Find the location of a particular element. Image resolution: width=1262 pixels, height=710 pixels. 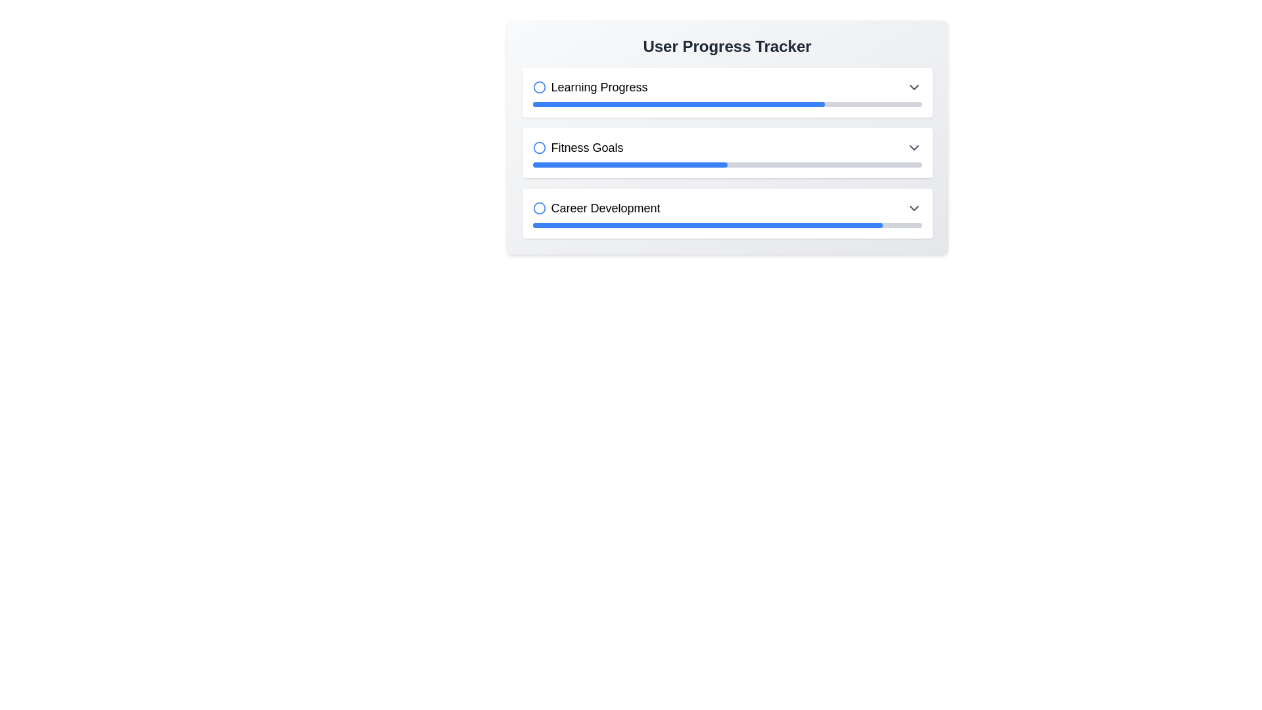

the Chevron Icon Button located to the right of the 'Career Development' text label is located at coordinates (913, 207).